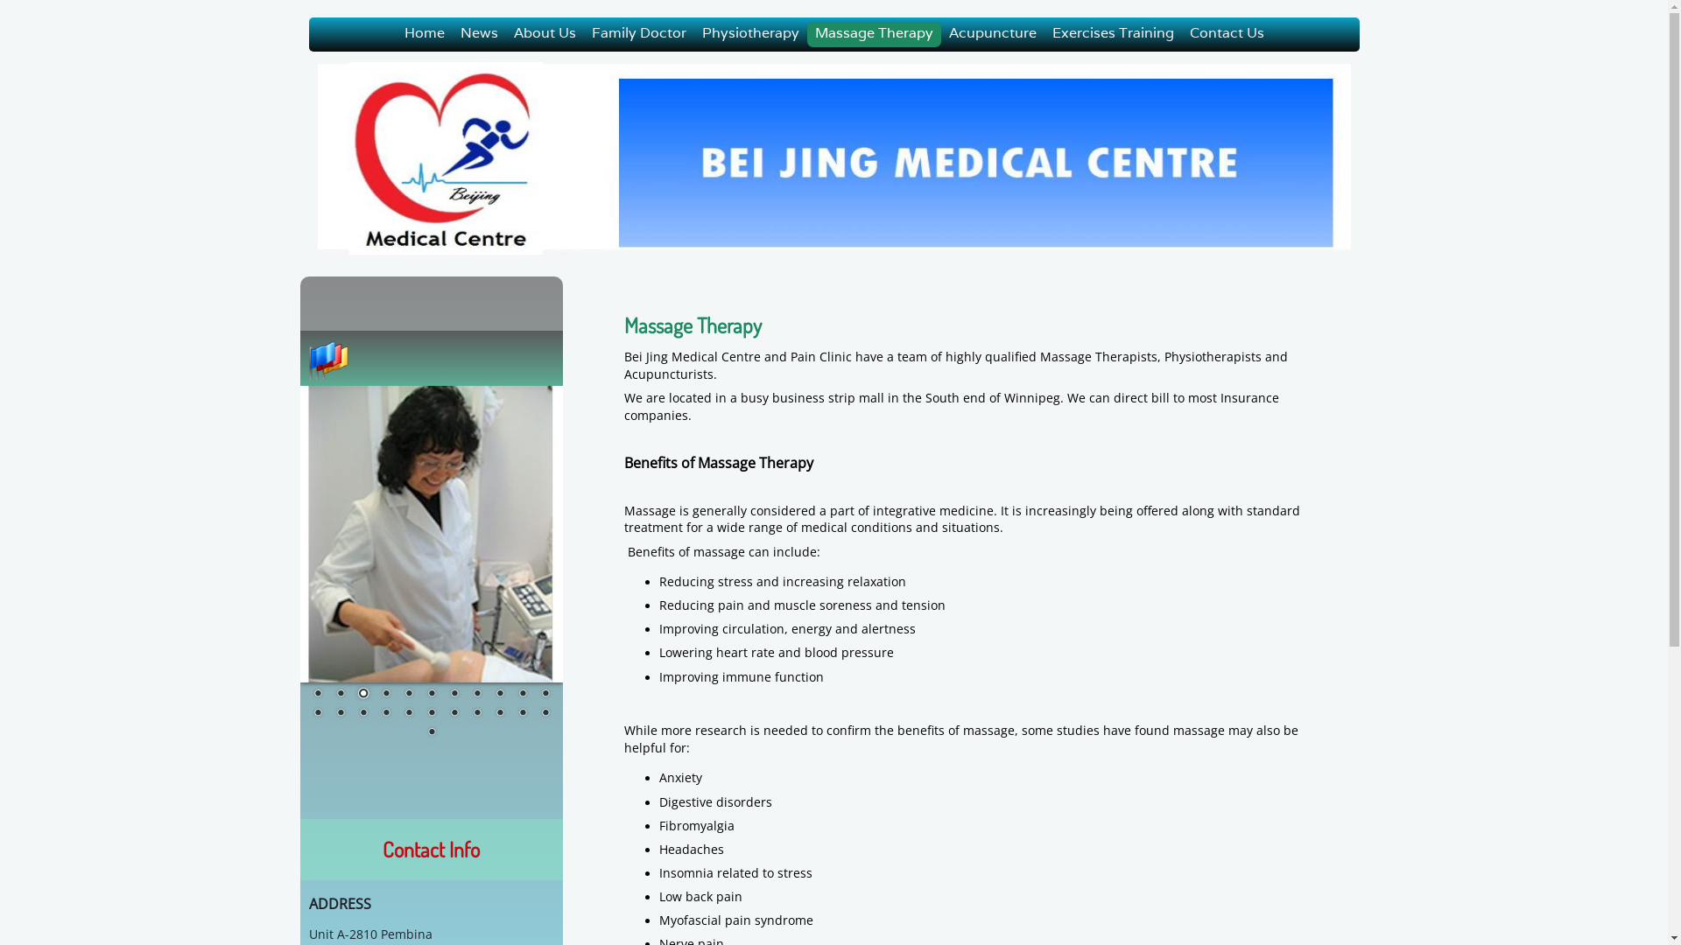 The image size is (1681, 945). I want to click on 'Acupuncture', so click(991, 34).